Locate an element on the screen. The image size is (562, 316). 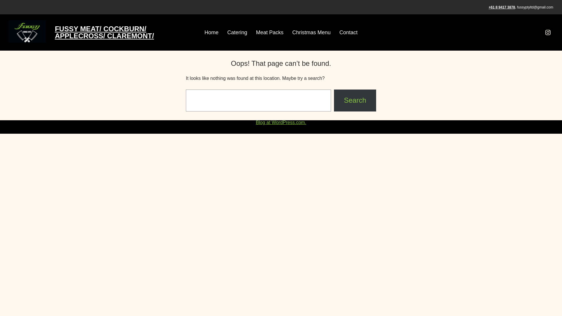
'+61 8 9417 3878' is located at coordinates (501, 7).